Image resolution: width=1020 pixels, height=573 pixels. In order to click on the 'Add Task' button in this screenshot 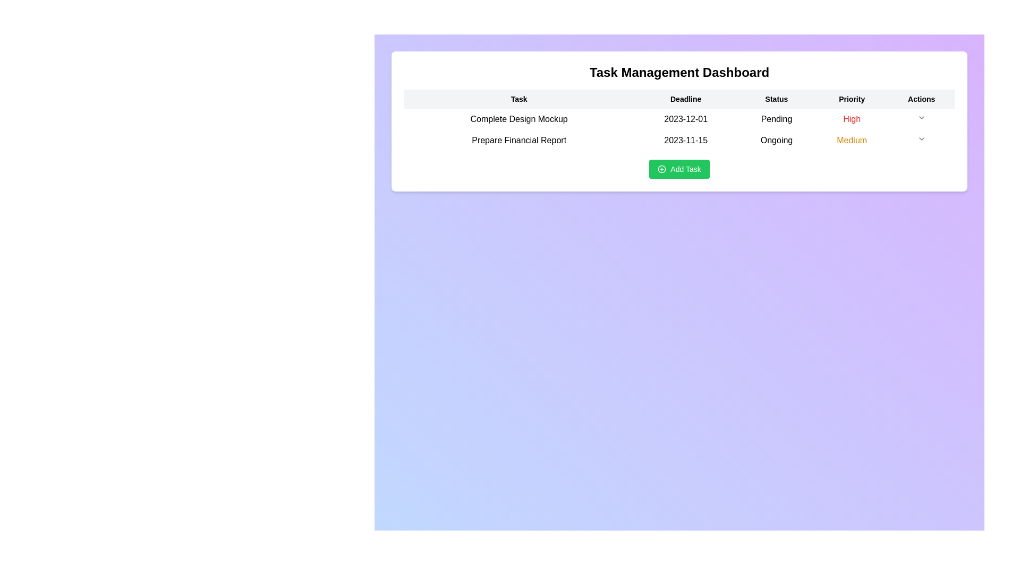, I will do `click(678, 169)`.